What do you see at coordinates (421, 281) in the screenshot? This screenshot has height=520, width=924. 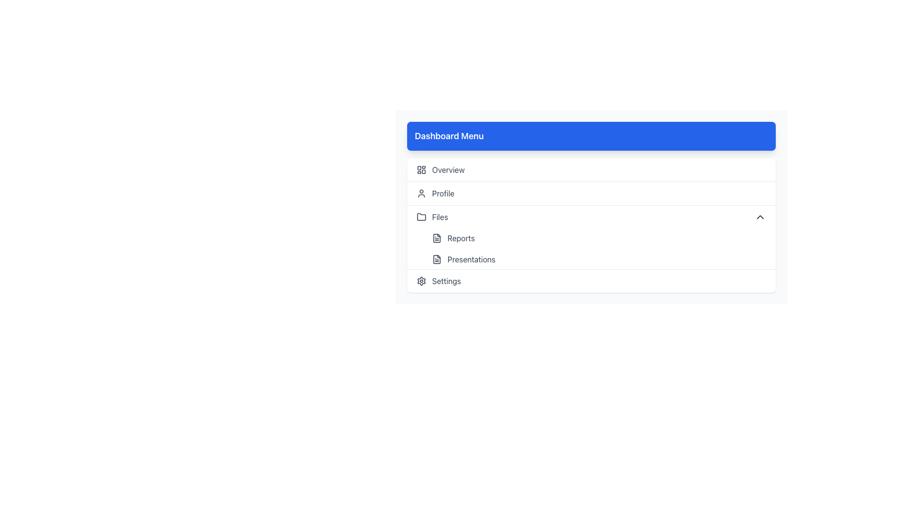 I see `the gear-shaped icon with a hollow center and sprocket-like edges` at bounding box center [421, 281].